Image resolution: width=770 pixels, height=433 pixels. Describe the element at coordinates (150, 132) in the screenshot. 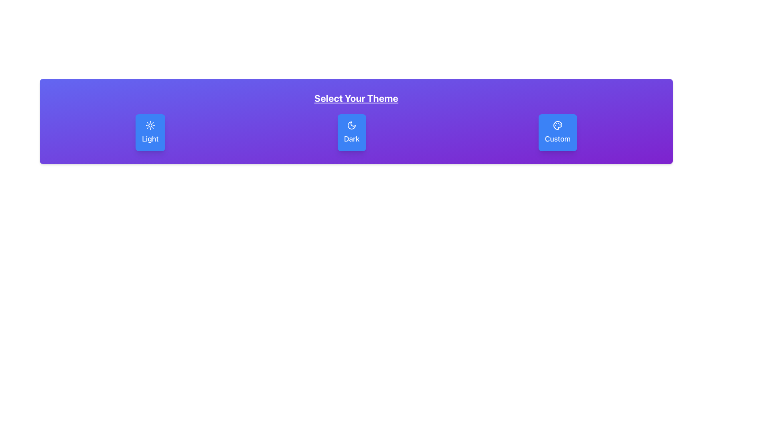

I see `the 'Light' theme selection button located on the left side of the theme selection layout` at that location.